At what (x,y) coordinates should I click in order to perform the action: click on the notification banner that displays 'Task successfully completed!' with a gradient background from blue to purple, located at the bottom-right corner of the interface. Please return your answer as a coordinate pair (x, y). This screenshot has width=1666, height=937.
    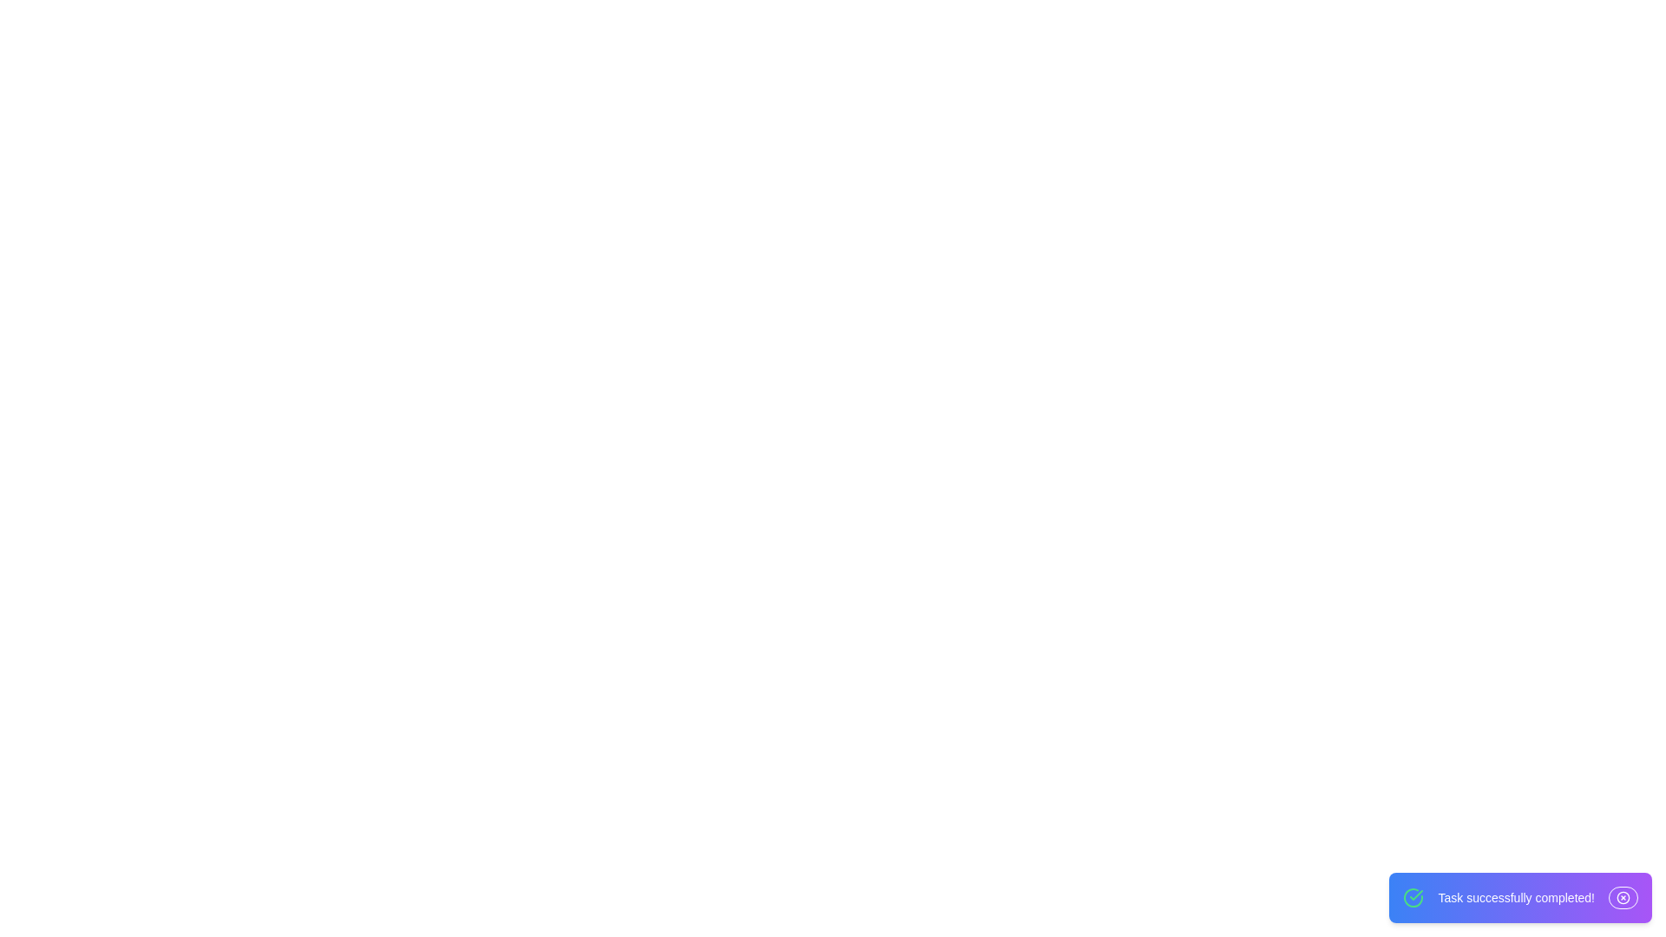
    Looking at the image, I should click on (1519, 897).